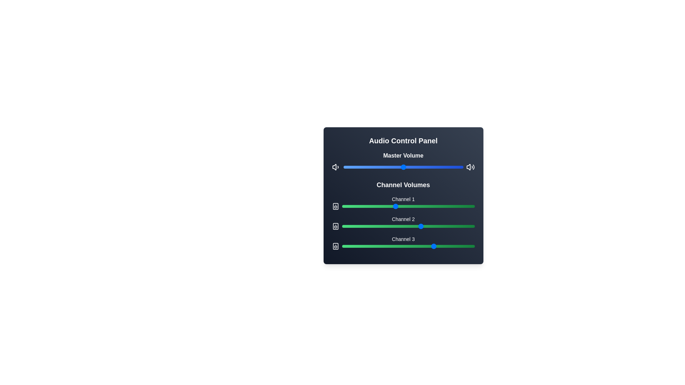 This screenshot has width=685, height=385. Describe the element at coordinates (403, 219) in the screenshot. I see `the text label identifying 'Channel 2', which is positioned above the green volume slider and blue handle for Channel 2, within the 'Channel Volumes' section` at that location.